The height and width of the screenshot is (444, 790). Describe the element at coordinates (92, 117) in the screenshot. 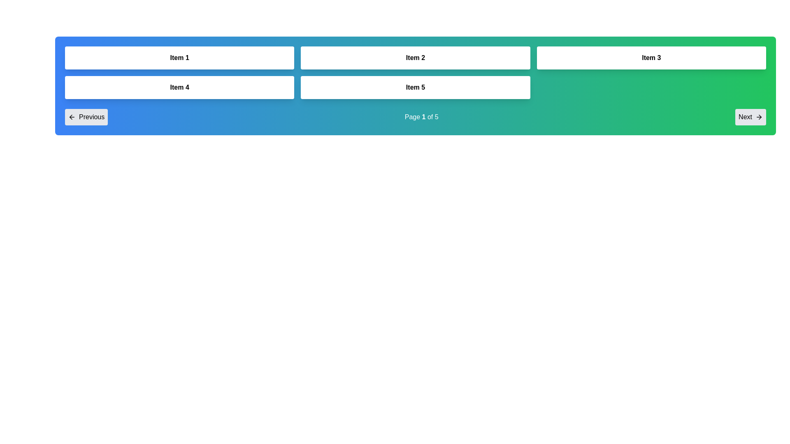

I see `the label indicating the functionality of navigating to the previous page, which is part of a composite button element located at the bottom-left corner of the interface` at that location.